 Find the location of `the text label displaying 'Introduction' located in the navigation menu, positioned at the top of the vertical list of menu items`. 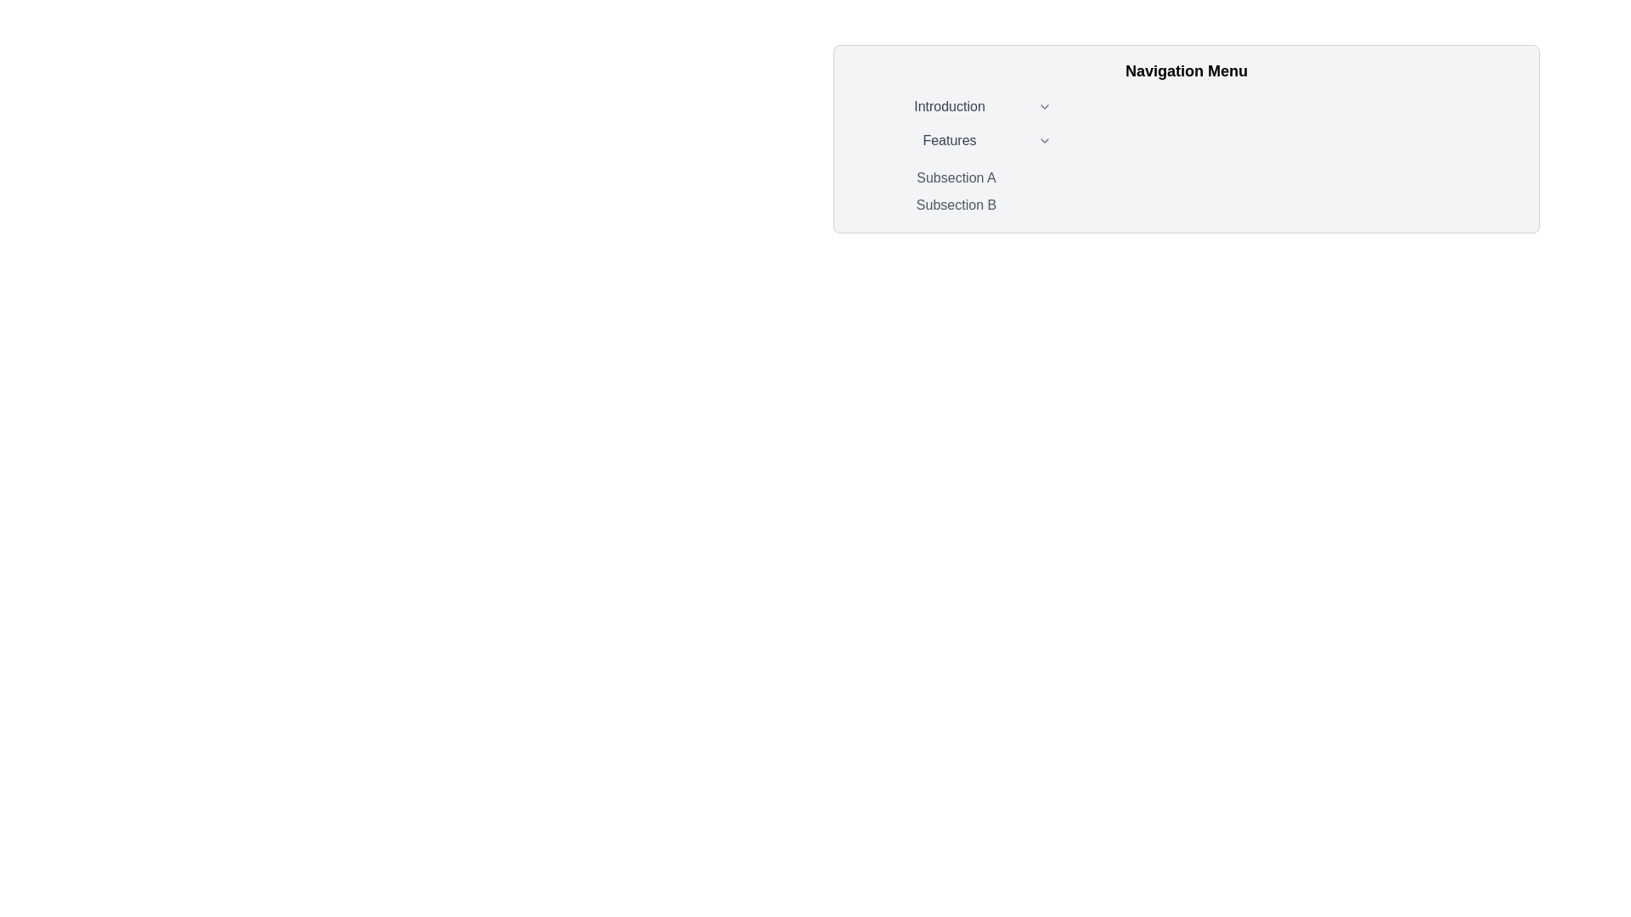

the text label displaying 'Introduction' located in the navigation menu, positioned at the top of the vertical list of menu items is located at coordinates (949, 107).